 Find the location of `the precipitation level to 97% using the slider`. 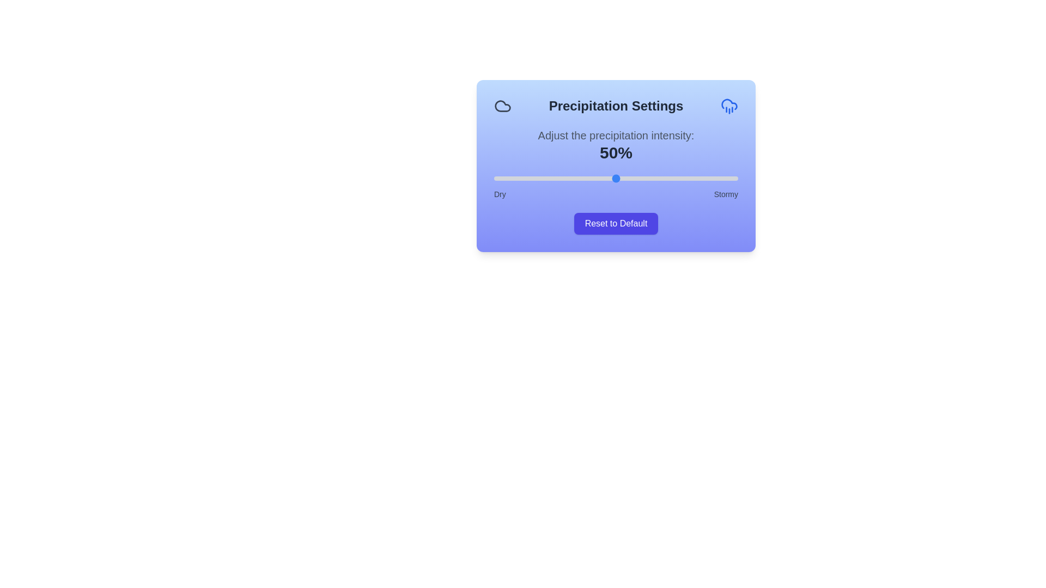

the precipitation level to 97% using the slider is located at coordinates (731, 177).